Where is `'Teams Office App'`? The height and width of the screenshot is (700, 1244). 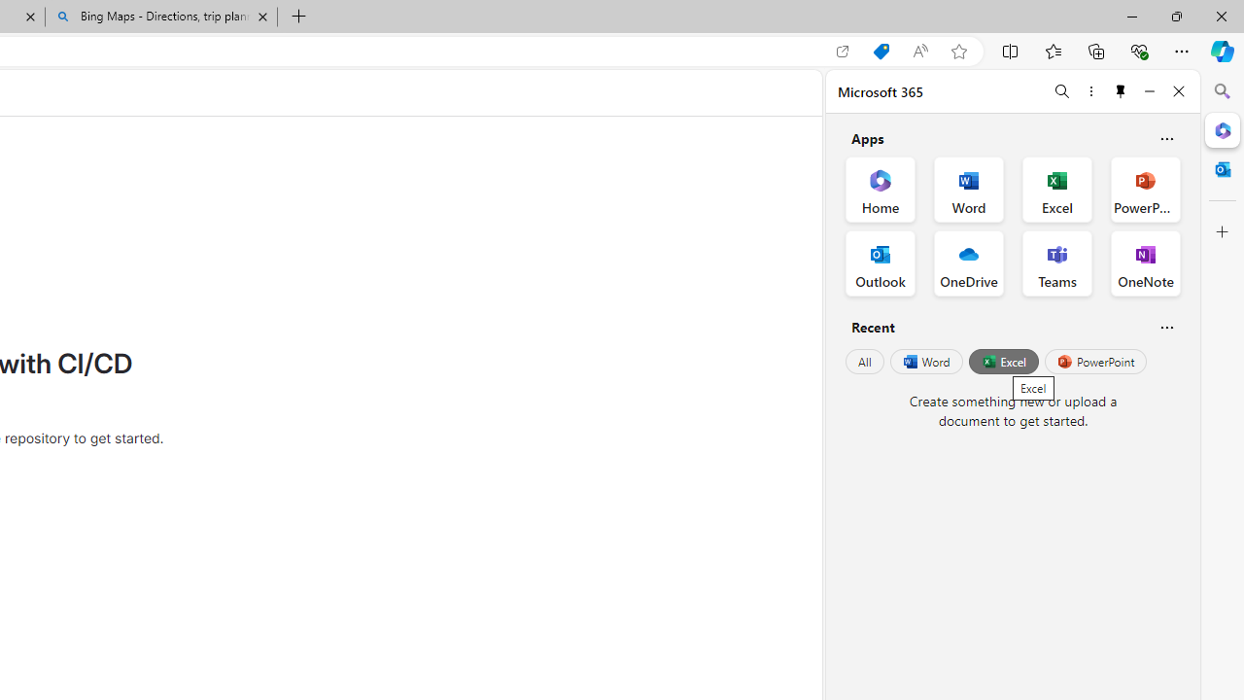
'Teams Office App' is located at coordinates (1056, 263).